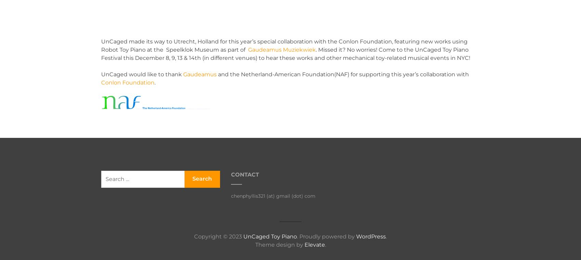 The image size is (581, 260). What do you see at coordinates (127, 82) in the screenshot?
I see `'Conlon Foundation'` at bounding box center [127, 82].